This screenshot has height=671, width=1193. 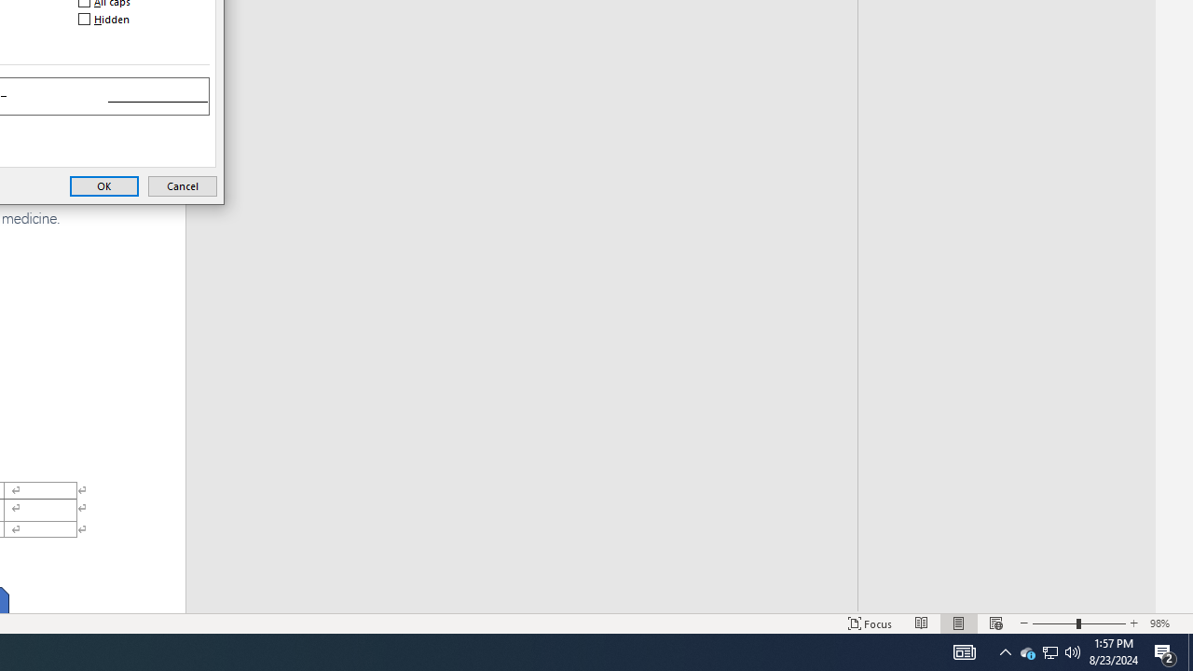 What do you see at coordinates (1165, 650) in the screenshot?
I see `'Action Center, 2 new notifications'` at bounding box center [1165, 650].